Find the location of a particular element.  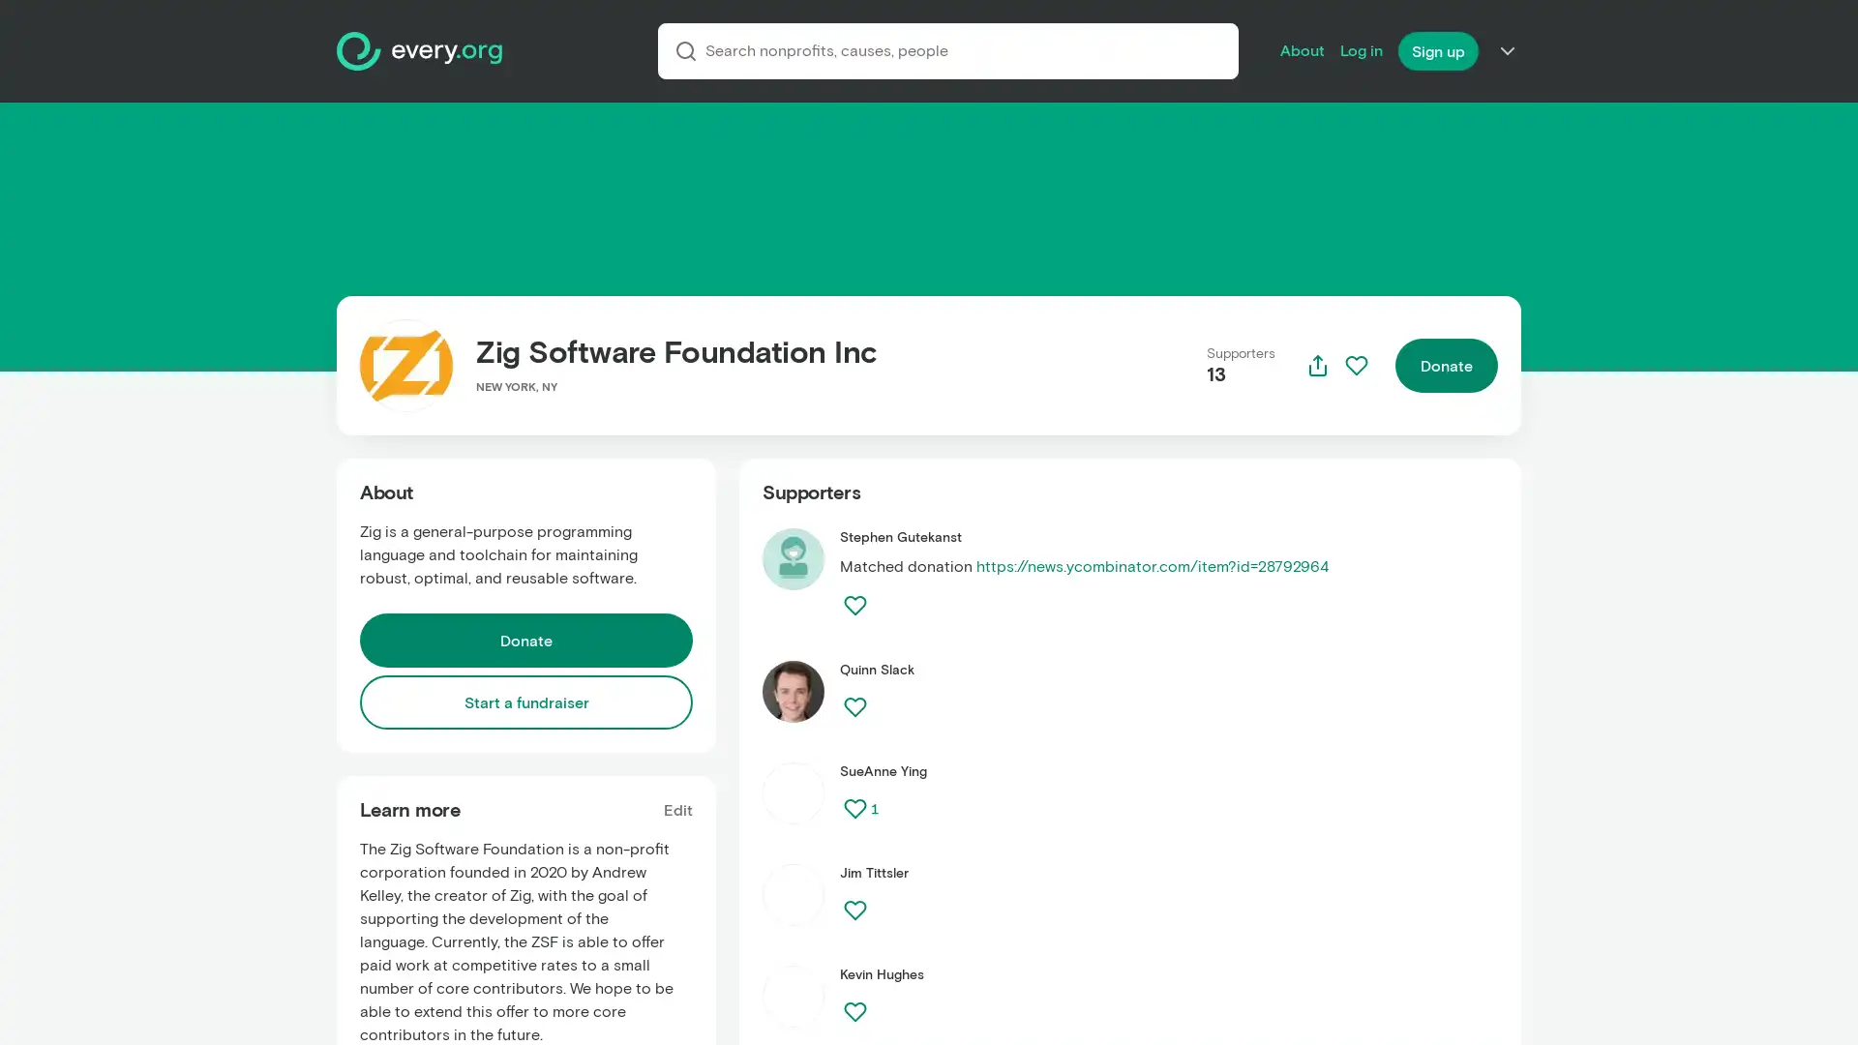

Like contribution is located at coordinates (854, 1010).